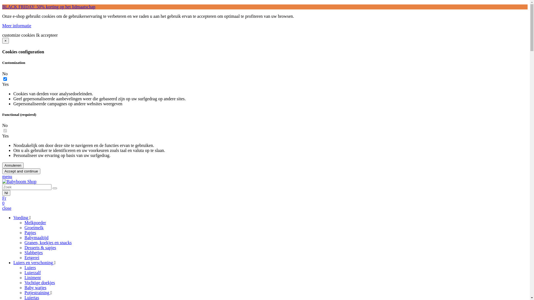 This screenshot has height=300, width=534. What do you see at coordinates (21, 171) in the screenshot?
I see `'Accept and continue'` at bounding box center [21, 171].